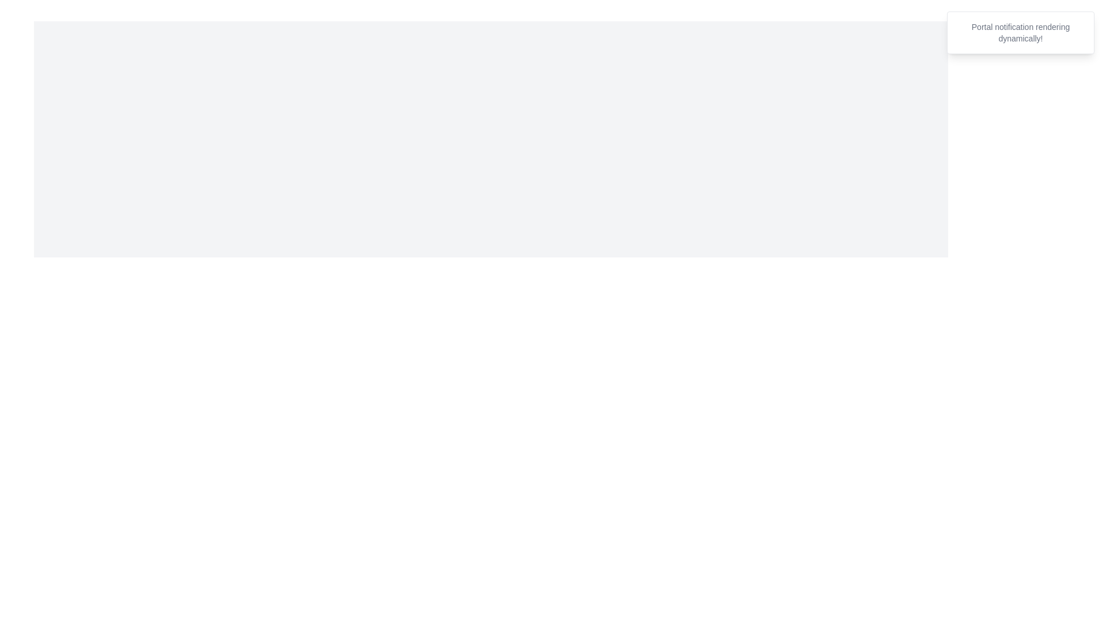 The image size is (1106, 622). Describe the element at coordinates (1020, 32) in the screenshot. I see `the static text displaying 'Portal notification rendering dynamically!' located in the top-right corner of the interface within a notification pop-up` at that location.